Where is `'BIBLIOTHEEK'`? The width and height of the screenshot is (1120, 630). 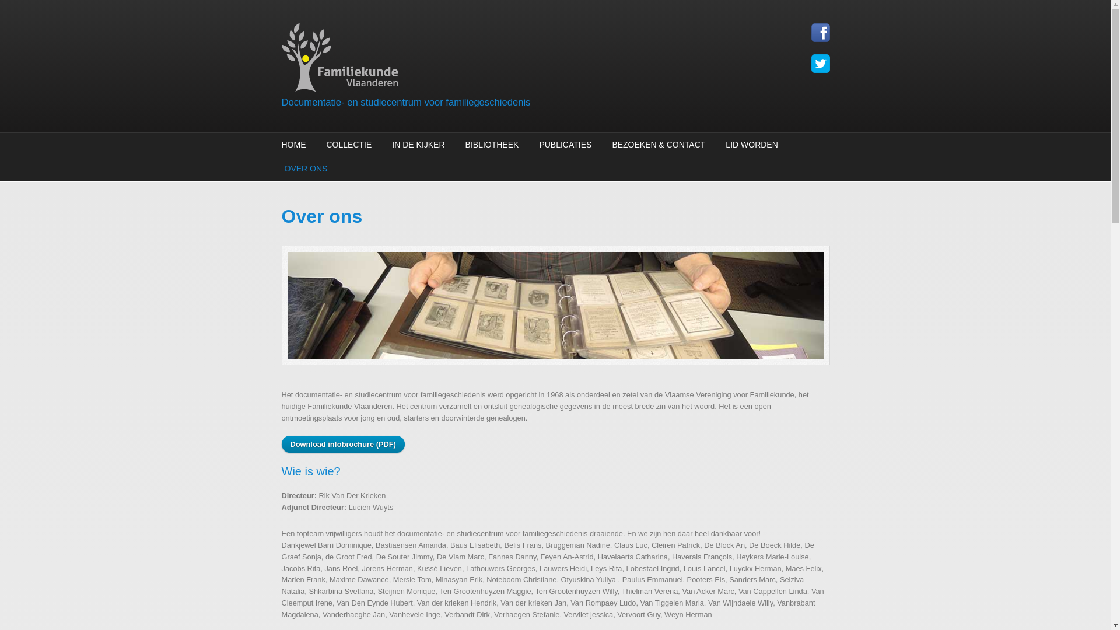 'BIBLIOTHEEK' is located at coordinates (492, 144).